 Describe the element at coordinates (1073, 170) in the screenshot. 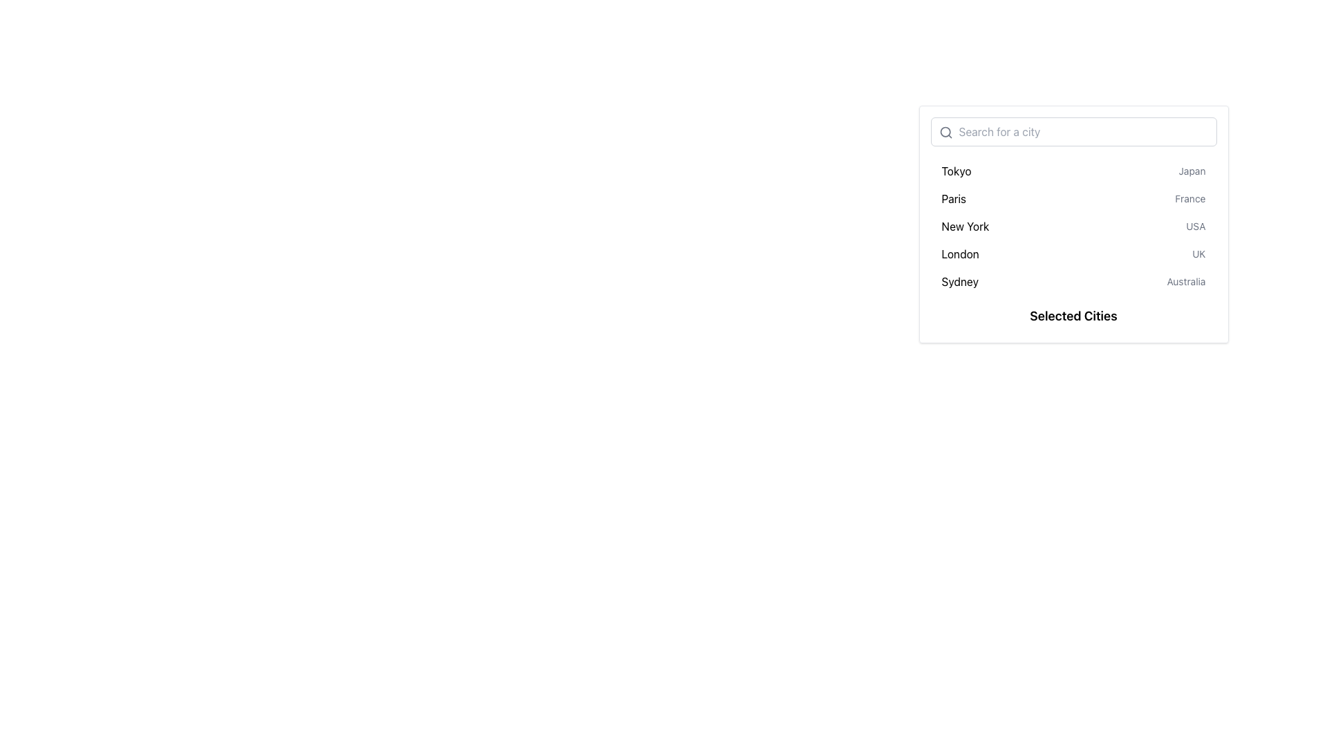

I see `the first List Item element displaying 'Tokyo' and 'Japan'` at that location.